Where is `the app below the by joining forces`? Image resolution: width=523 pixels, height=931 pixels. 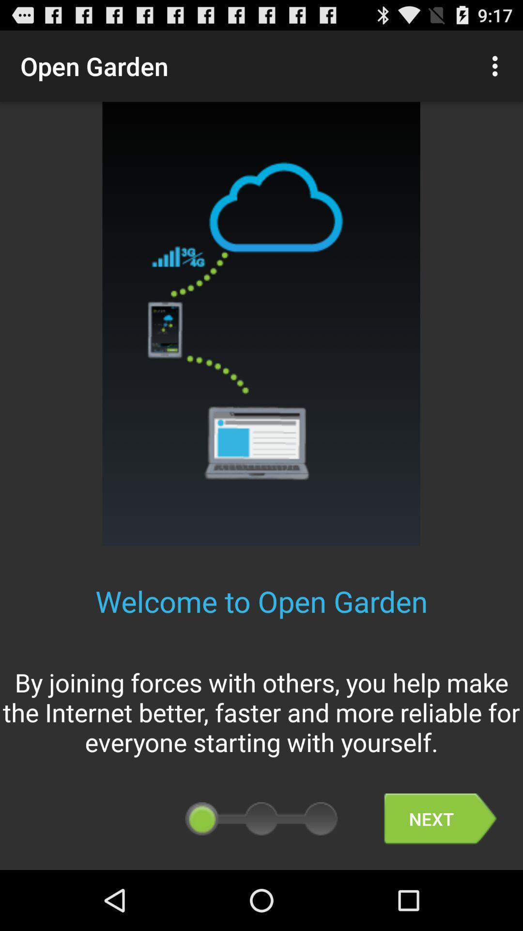 the app below the by joining forces is located at coordinates (440, 819).